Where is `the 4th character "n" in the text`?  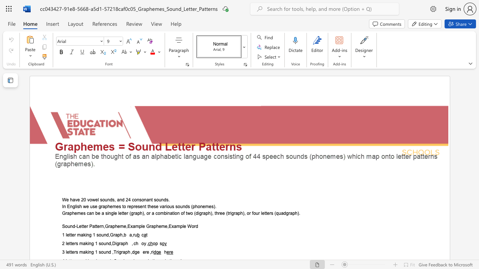
the 4th character "n" in the text is located at coordinates (178, 213).